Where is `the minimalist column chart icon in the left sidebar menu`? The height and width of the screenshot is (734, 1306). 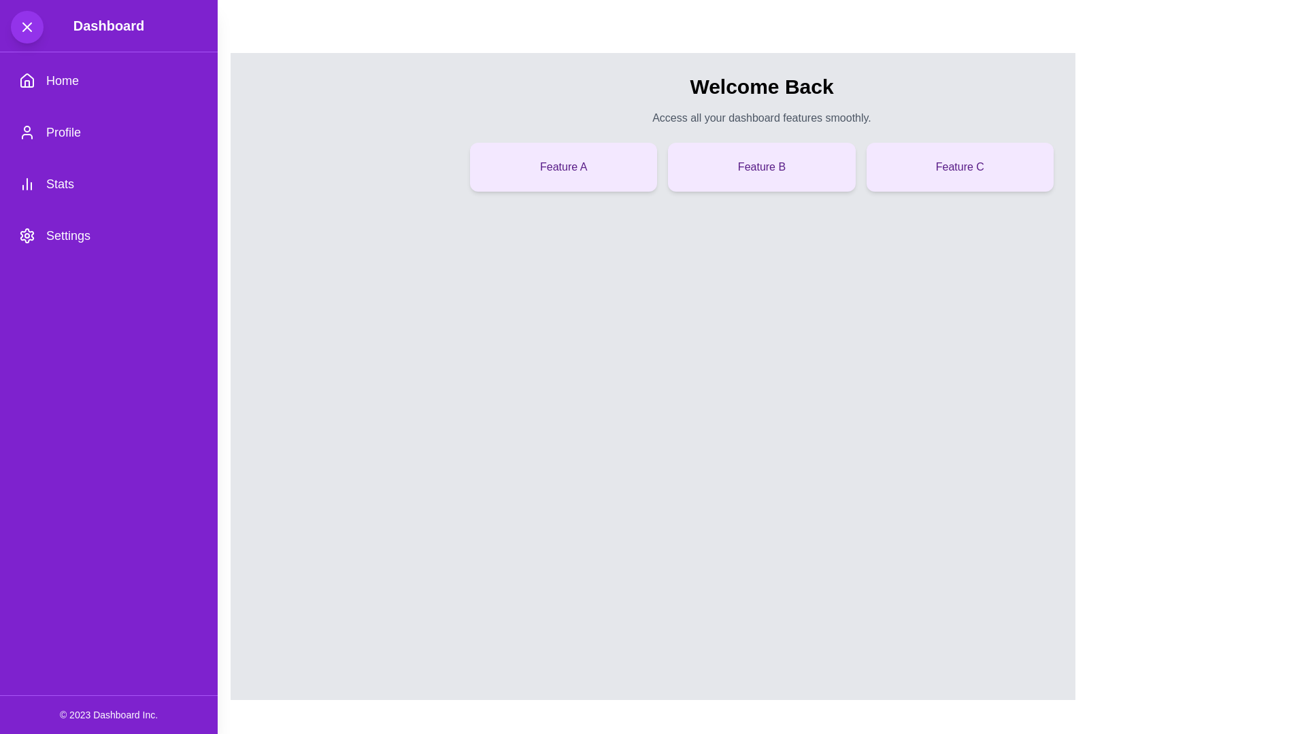 the minimalist column chart icon in the left sidebar menu is located at coordinates (27, 183).